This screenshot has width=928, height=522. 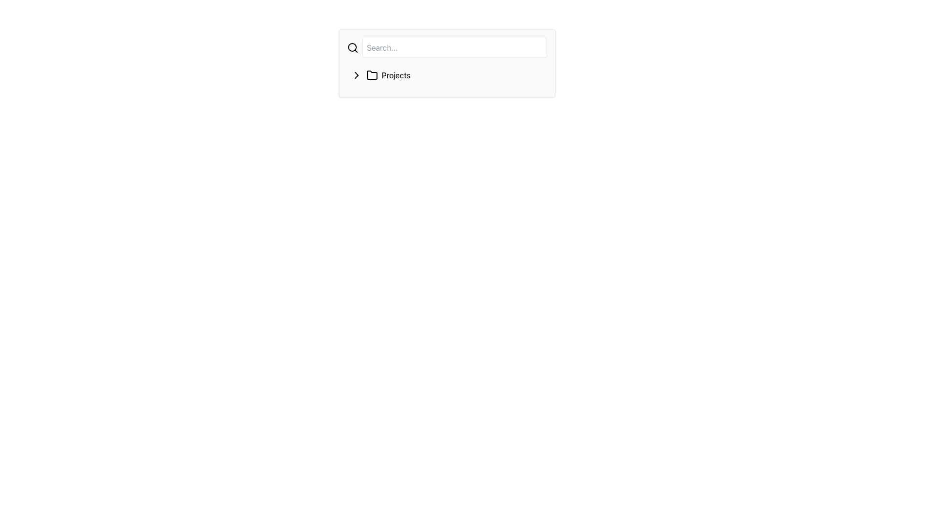 What do you see at coordinates (356, 74) in the screenshot?
I see `the rightward-pointing chevron SVG icon, which is positioned to the left of the 'Projects' folder icon` at bounding box center [356, 74].